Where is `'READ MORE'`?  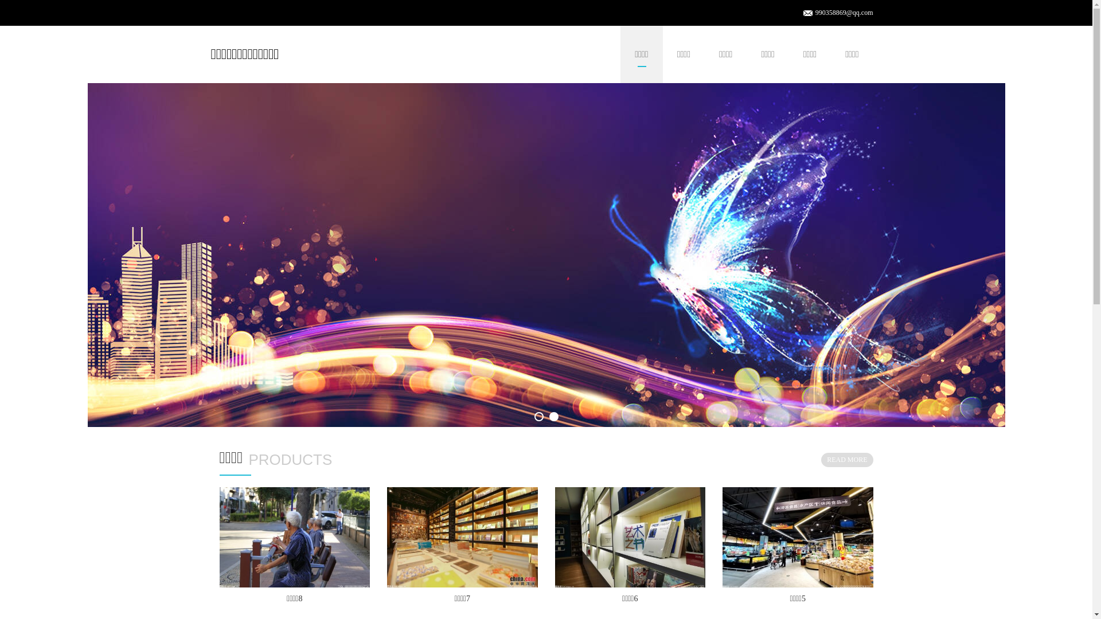
'READ MORE' is located at coordinates (847, 459).